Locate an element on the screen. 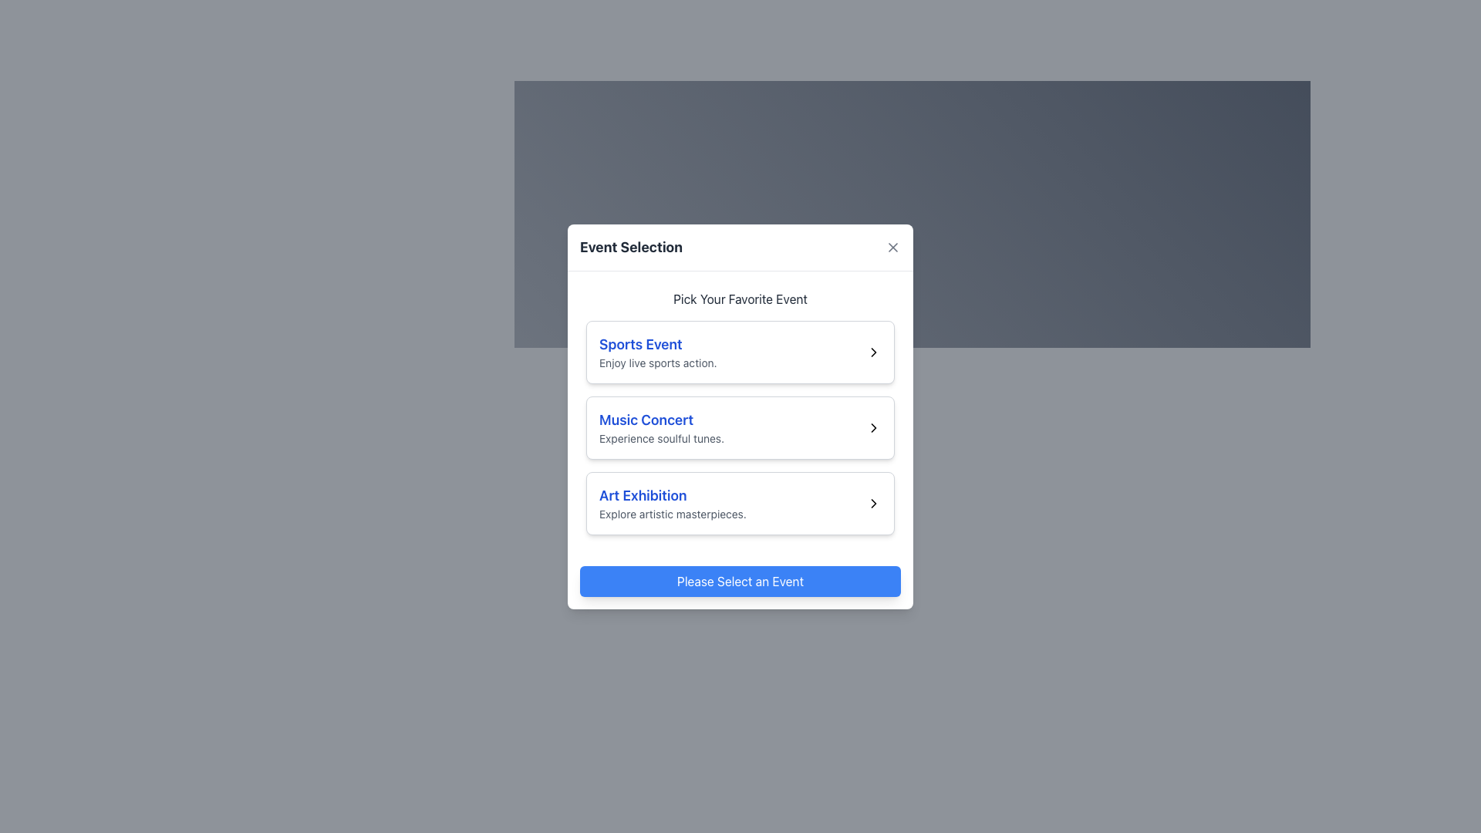 The width and height of the screenshot is (1481, 833). the icon located at the right edge of the 'Art Exhibition' list item is located at coordinates (873, 502).